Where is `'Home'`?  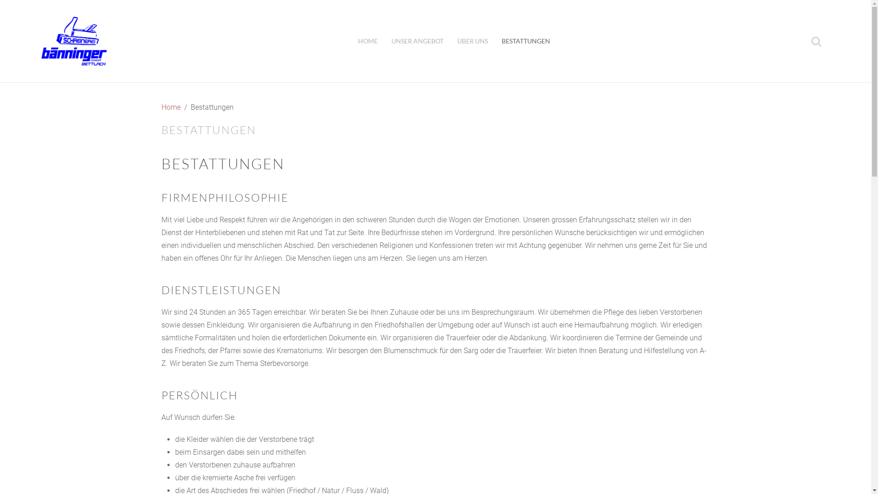 'Home' is located at coordinates (171, 107).